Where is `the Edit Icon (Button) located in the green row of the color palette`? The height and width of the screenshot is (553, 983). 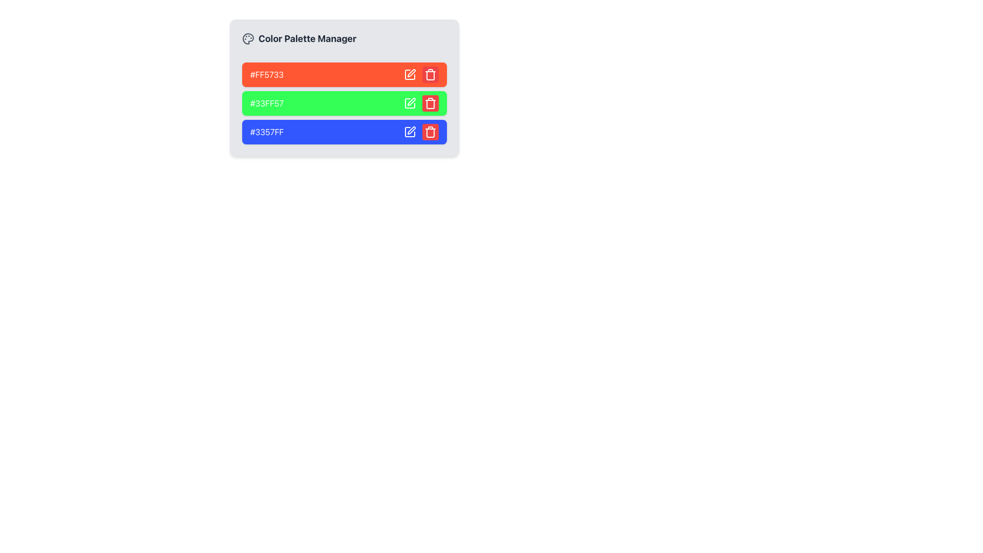
the Edit Icon (Button) located in the green row of the color palette is located at coordinates (410, 103).